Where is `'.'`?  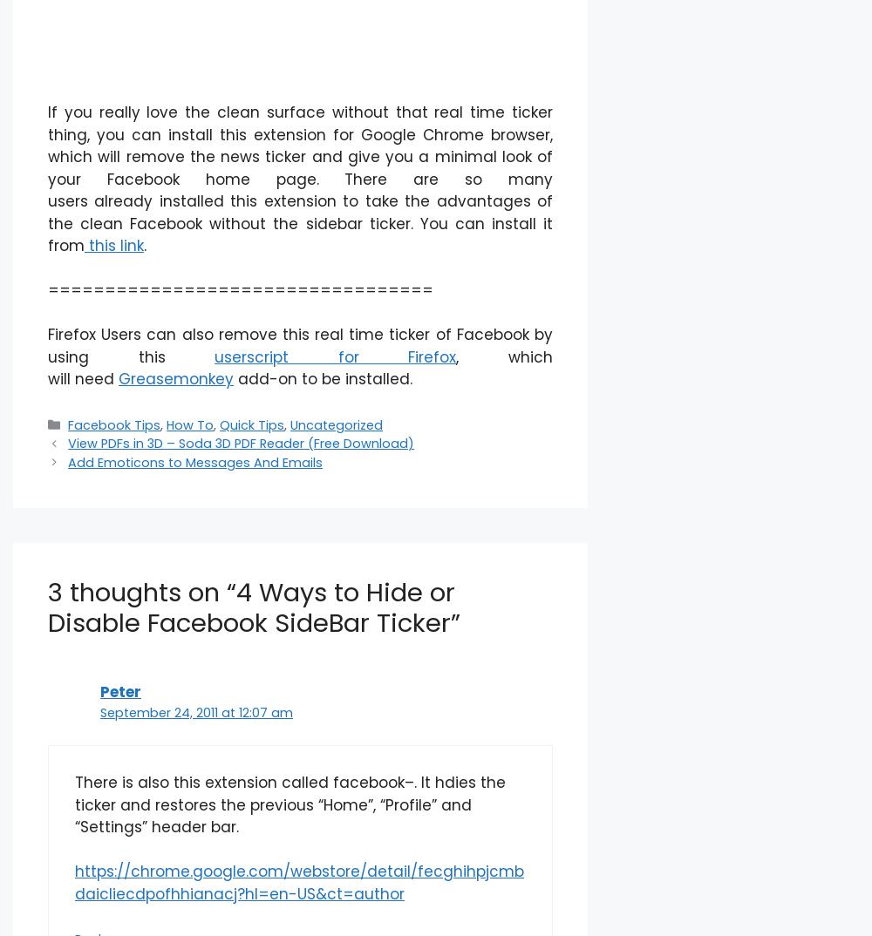 '.' is located at coordinates (145, 246).